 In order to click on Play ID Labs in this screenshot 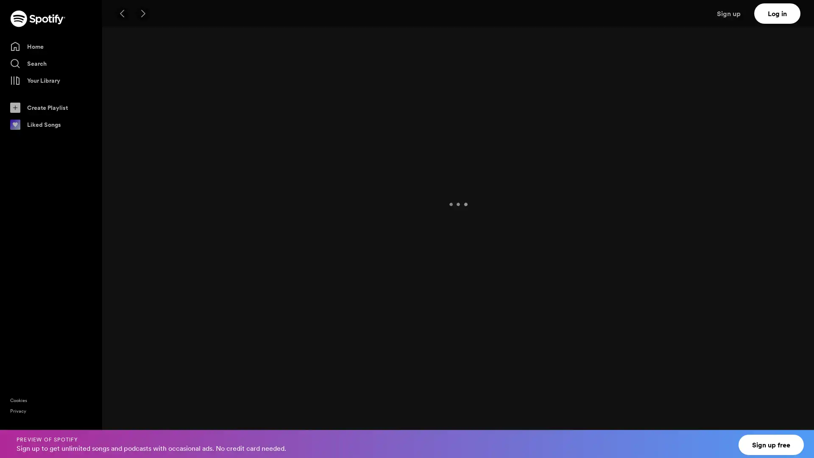, I will do `click(780, 405)`.